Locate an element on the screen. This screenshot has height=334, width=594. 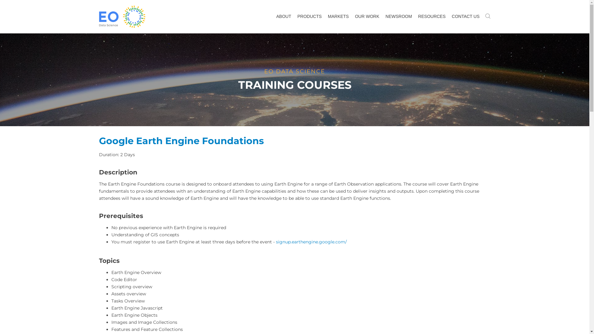
'signup.earthengine.google.com/' is located at coordinates (276, 242).